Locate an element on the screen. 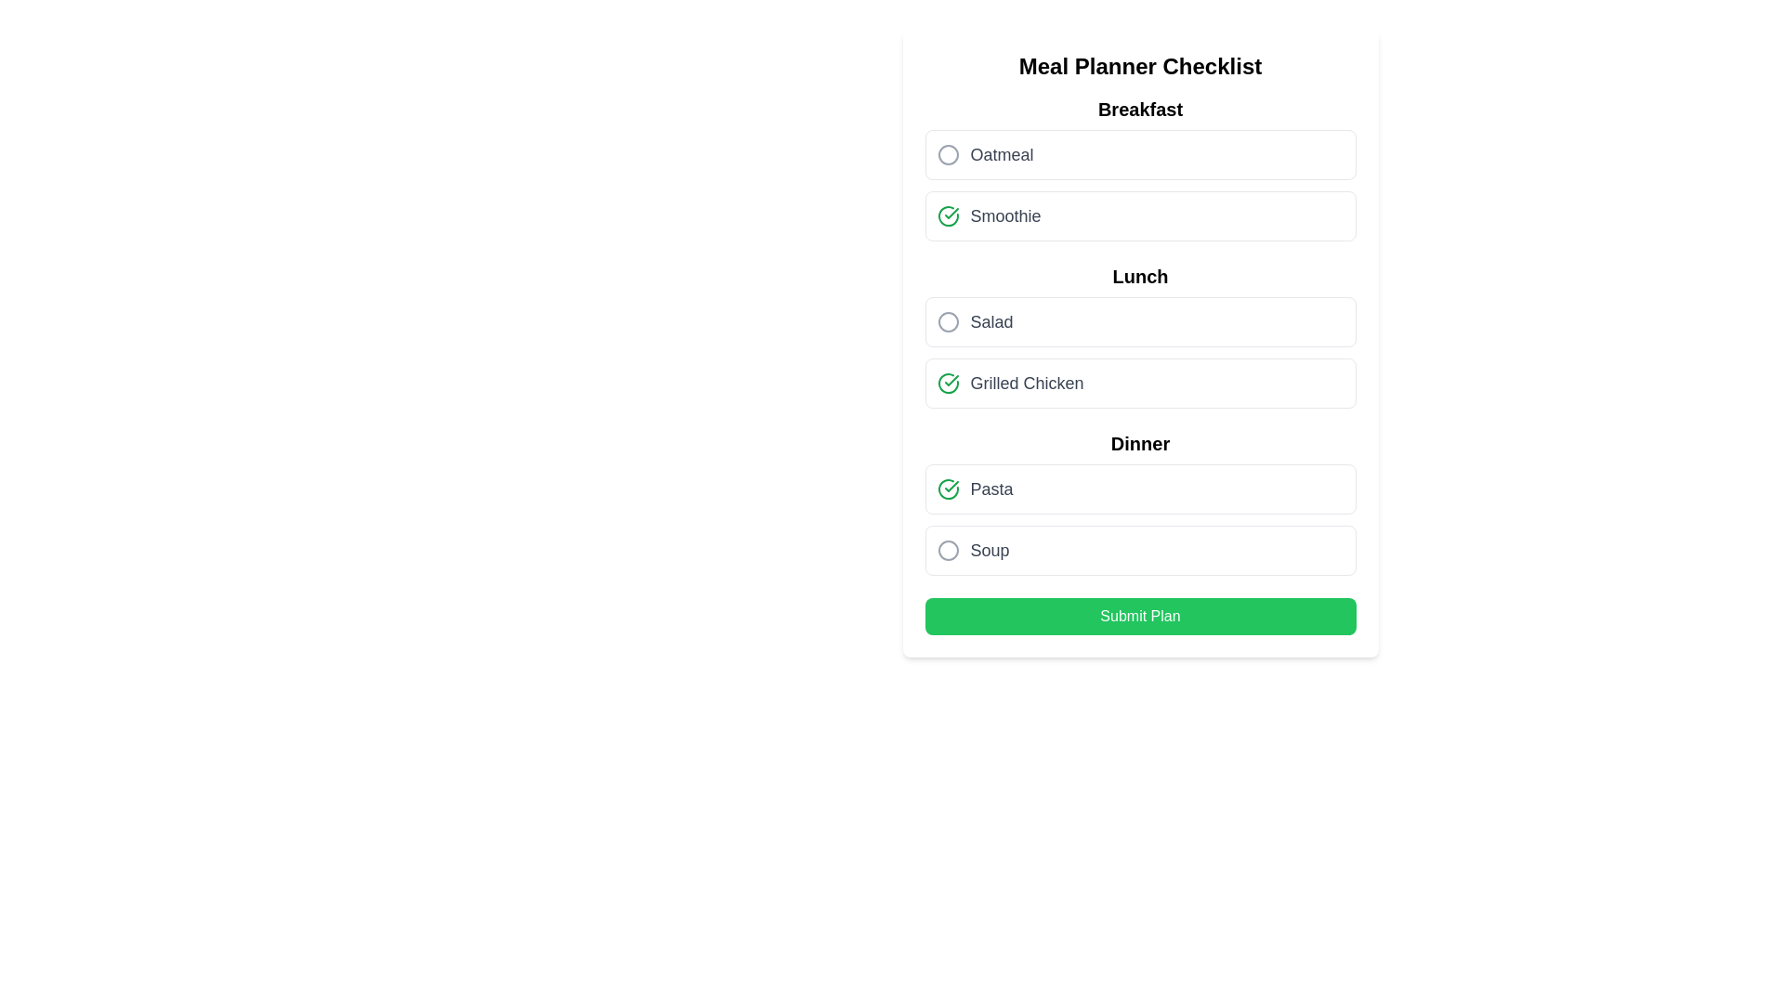 This screenshot has width=1784, height=1003. the text label displaying 'Grilled Chicken', which is styled in bold, dark gray font and is positioned between 'Salad' and 'Pasta' in the meal planner interface is located at coordinates (1026, 382).